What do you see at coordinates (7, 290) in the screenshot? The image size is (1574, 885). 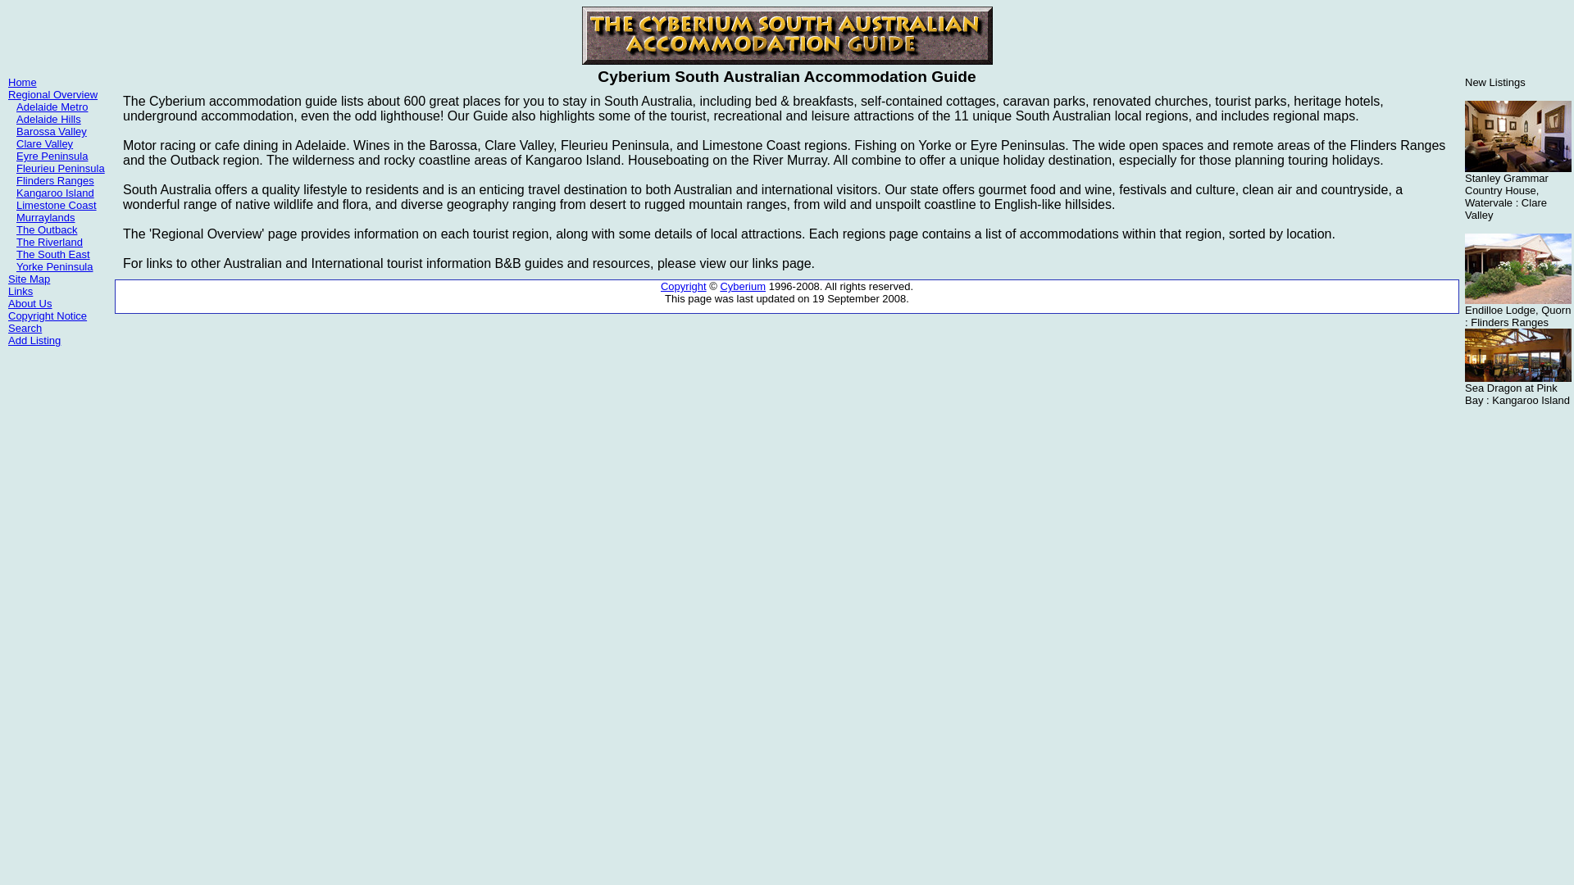 I see `'Links'` at bounding box center [7, 290].